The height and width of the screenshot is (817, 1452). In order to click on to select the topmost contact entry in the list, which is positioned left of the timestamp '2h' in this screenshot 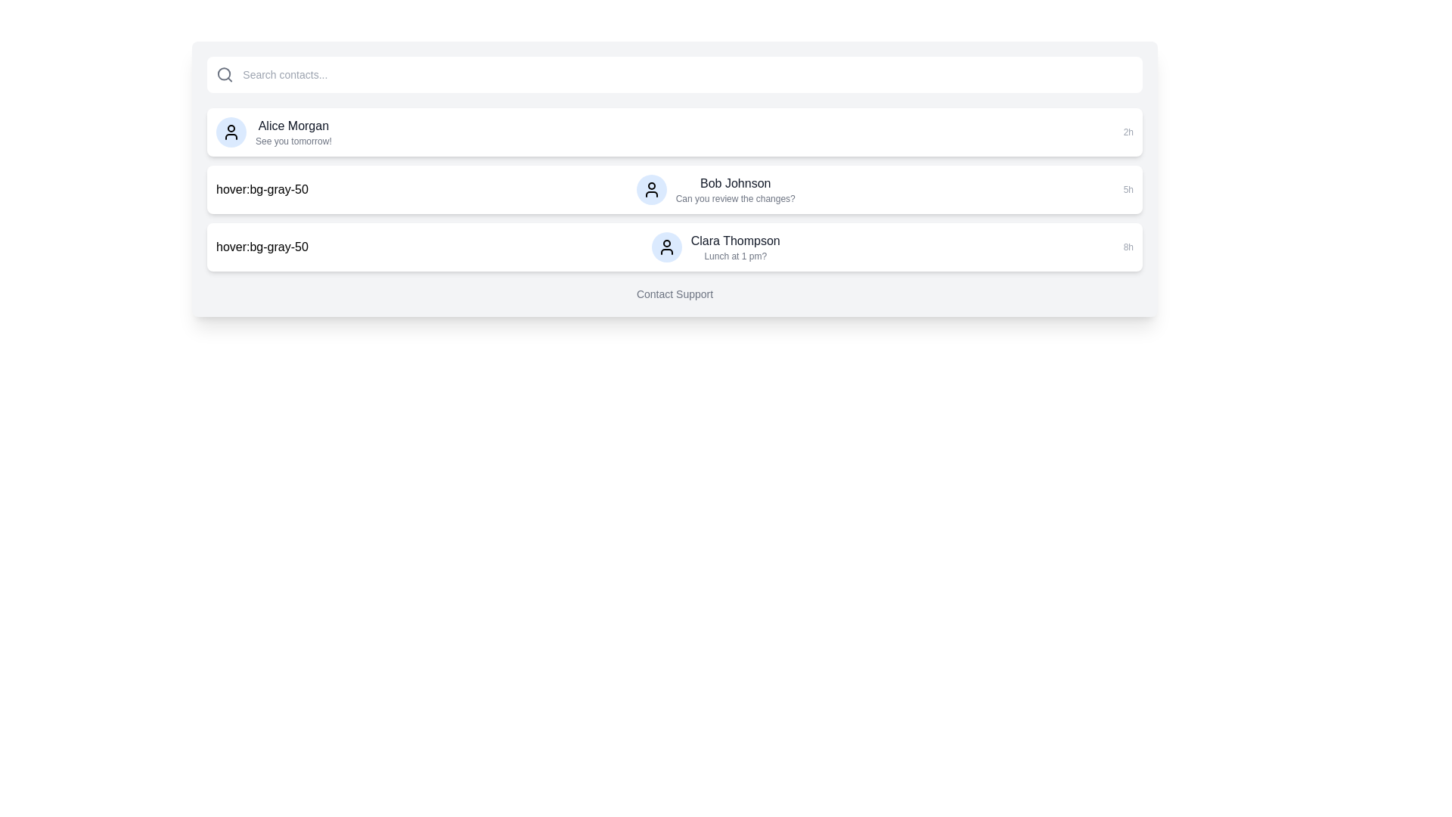, I will do `click(274, 131)`.